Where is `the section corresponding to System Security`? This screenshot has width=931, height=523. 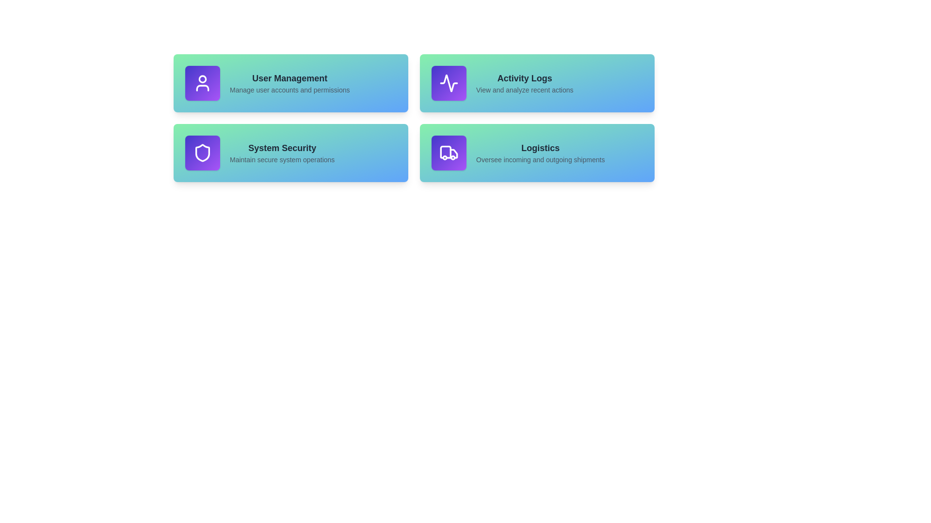 the section corresponding to System Security is located at coordinates (290, 153).